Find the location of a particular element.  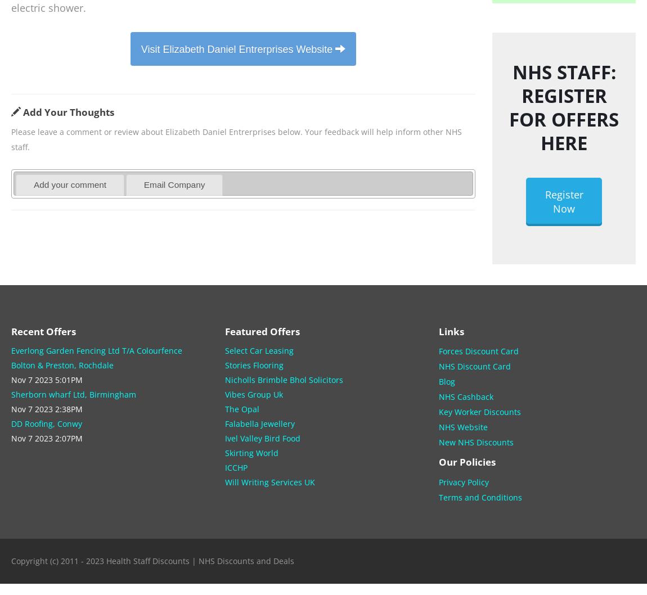

'Please leave a comment or review about Elizabeth Daniel Entrerprises below. Your feedback will help inform other NHS staff.' is located at coordinates (11, 139).